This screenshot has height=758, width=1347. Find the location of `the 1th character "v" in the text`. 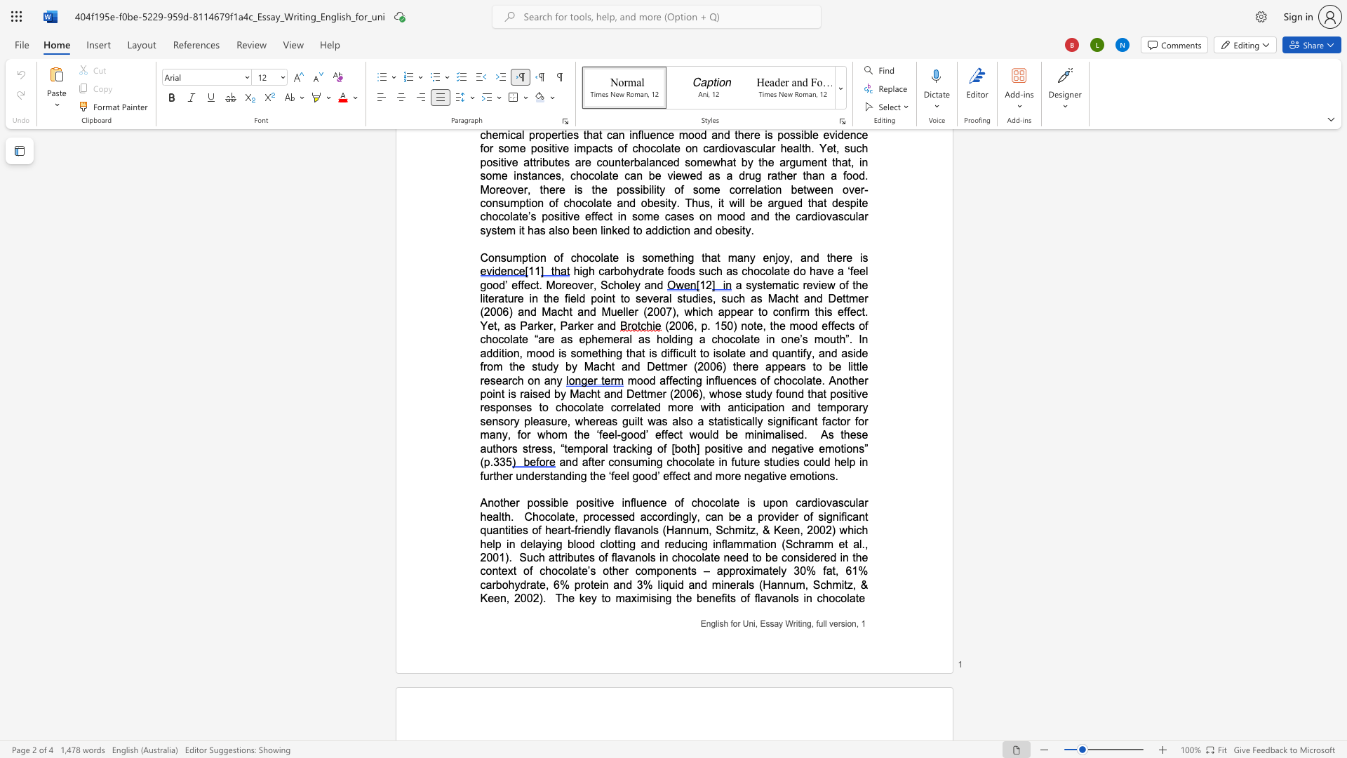

the 1th character "v" in the text is located at coordinates (732, 448).